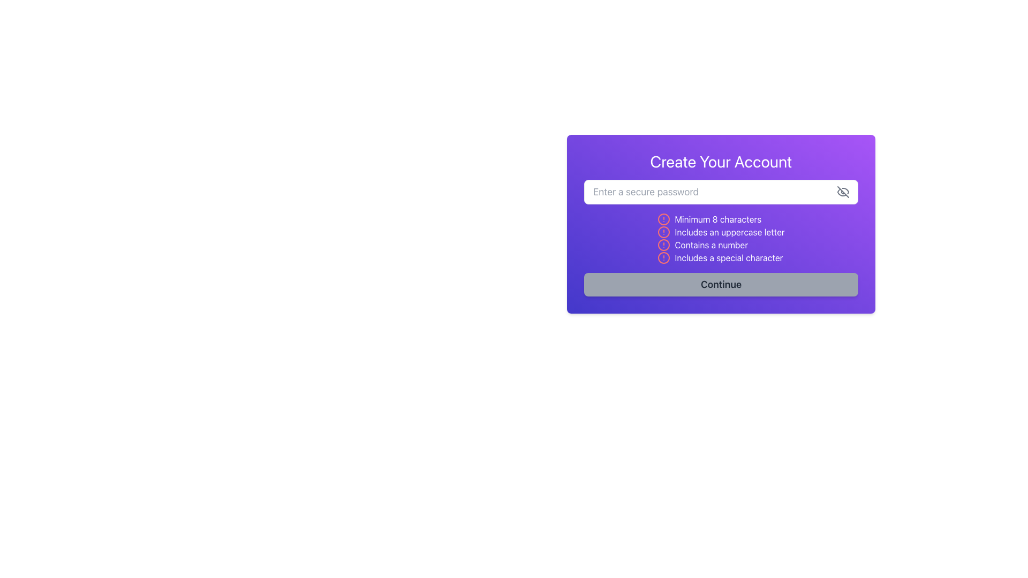 The width and height of the screenshot is (1028, 578). I want to click on the text label with the red alert icon and the message 'Includes an uppercase letter', so click(721, 232).